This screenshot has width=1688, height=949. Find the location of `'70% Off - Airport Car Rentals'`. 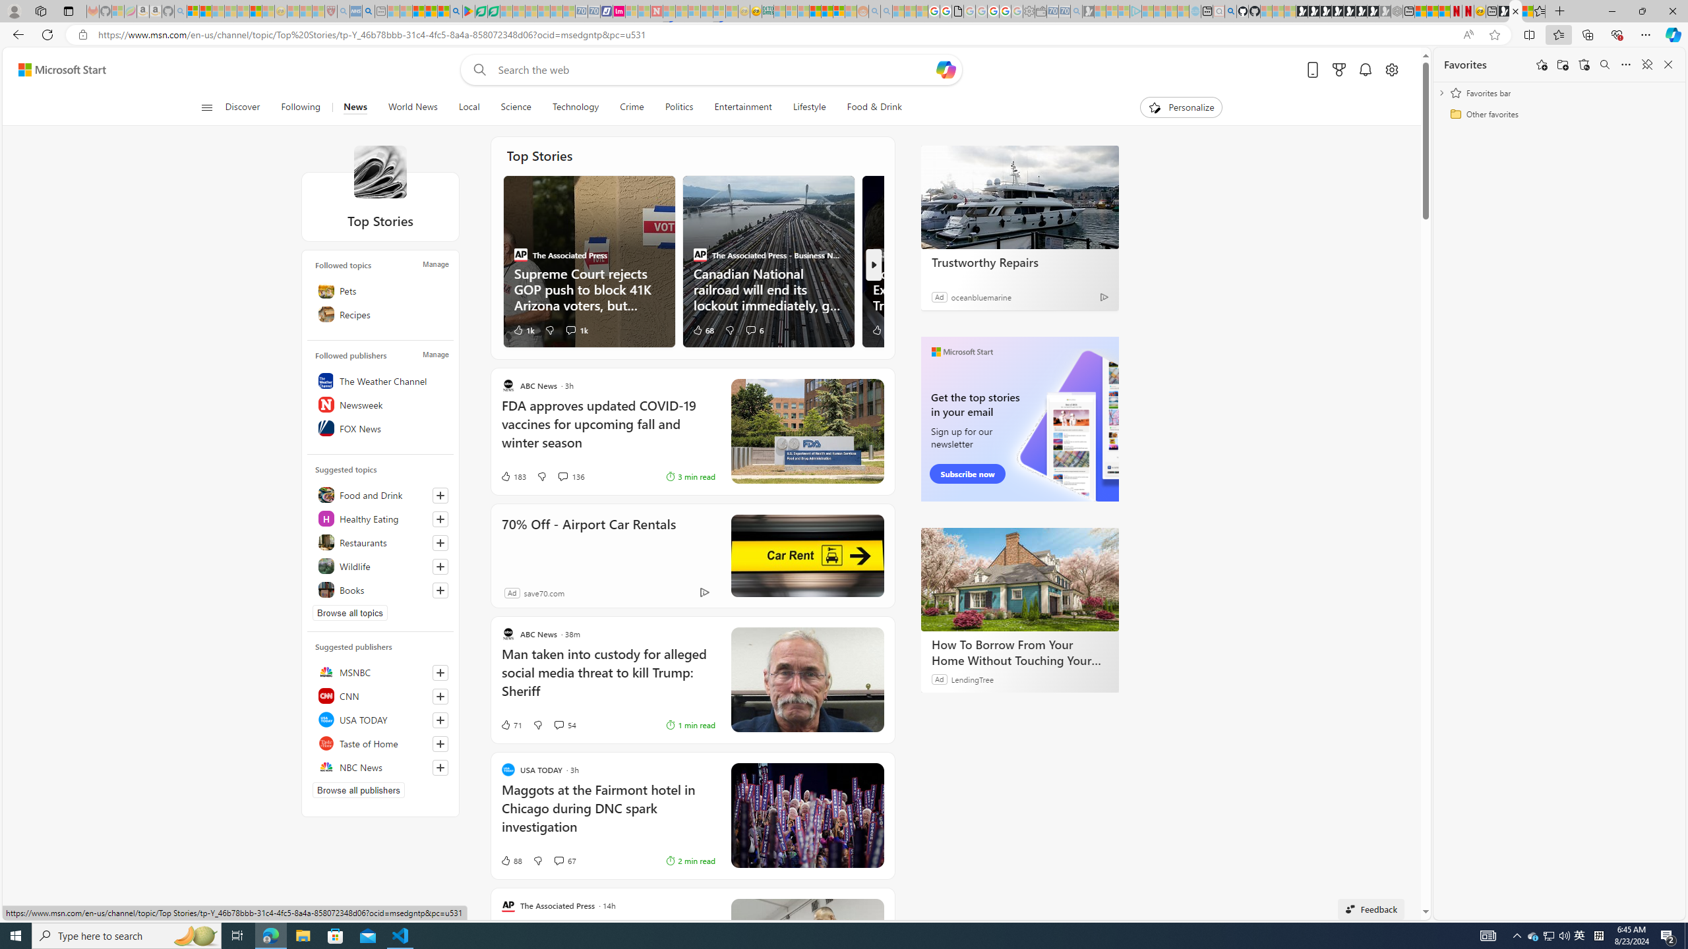

'70% Off - Airport Car Rentals' is located at coordinates (588, 542).